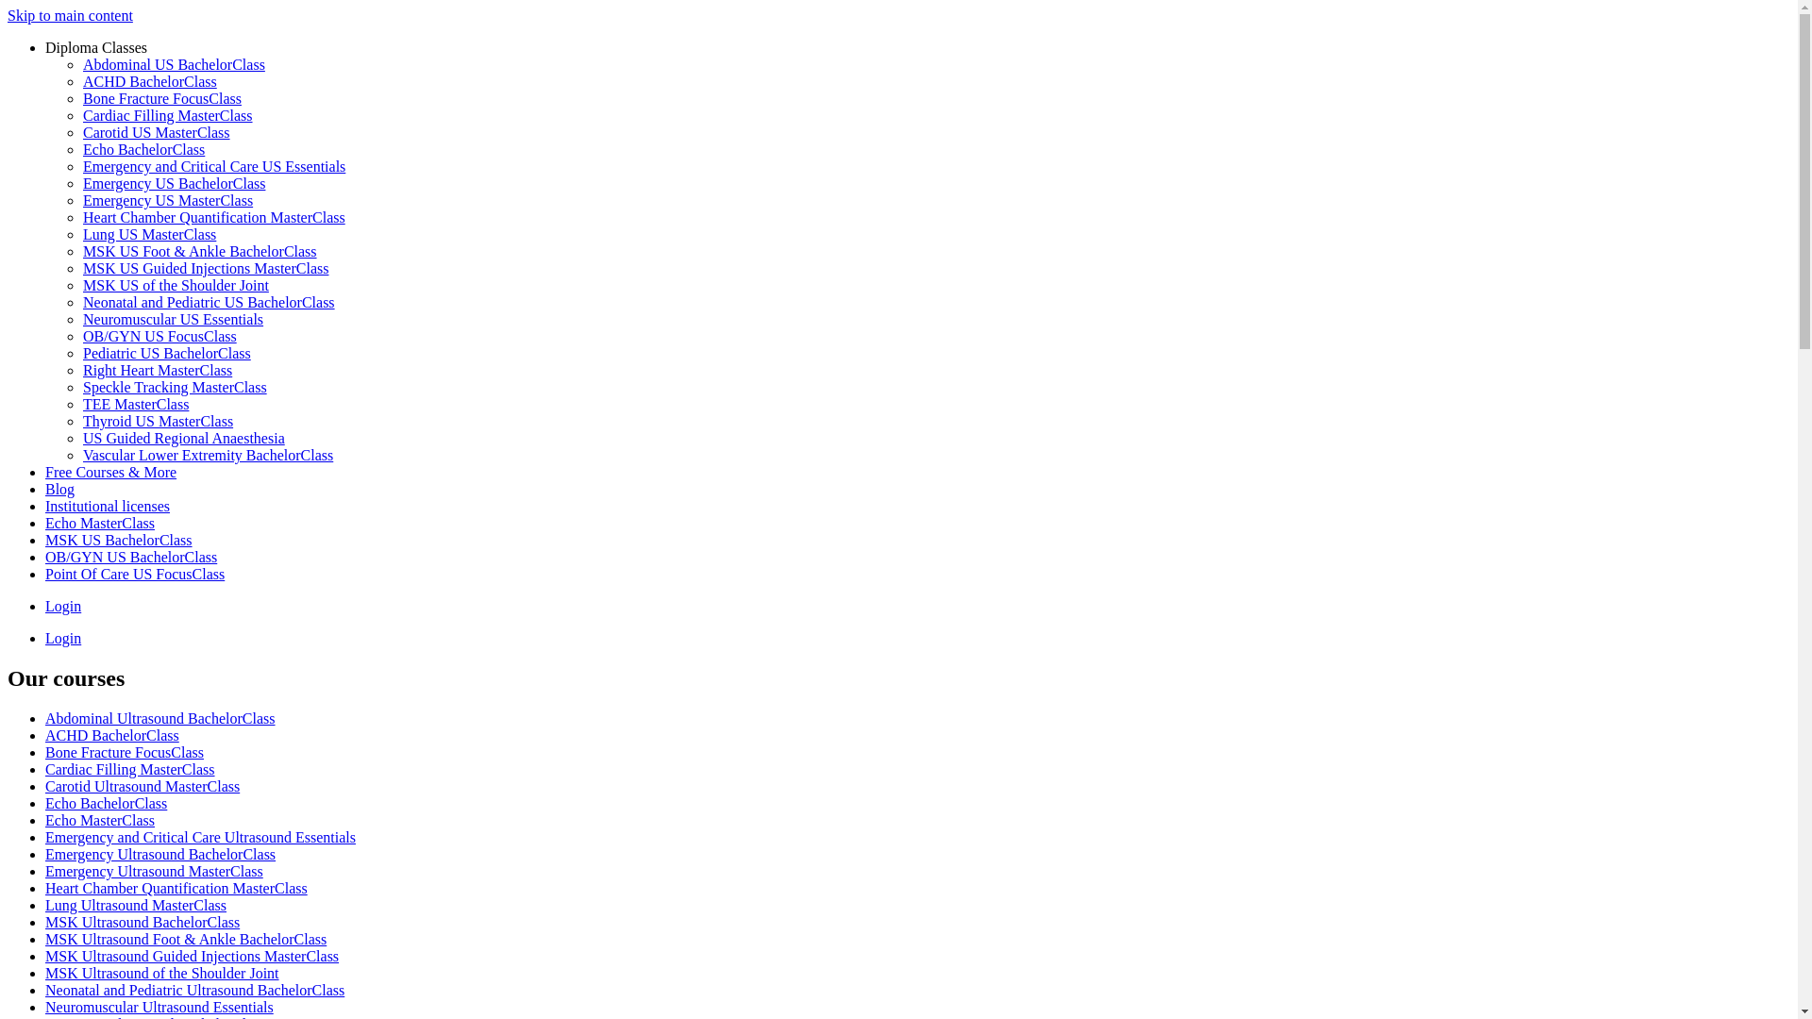 The height and width of the screenshot is (1019, 1812). I want to click on 'US Guided Regional Anaesthesia', so click(81, 438).